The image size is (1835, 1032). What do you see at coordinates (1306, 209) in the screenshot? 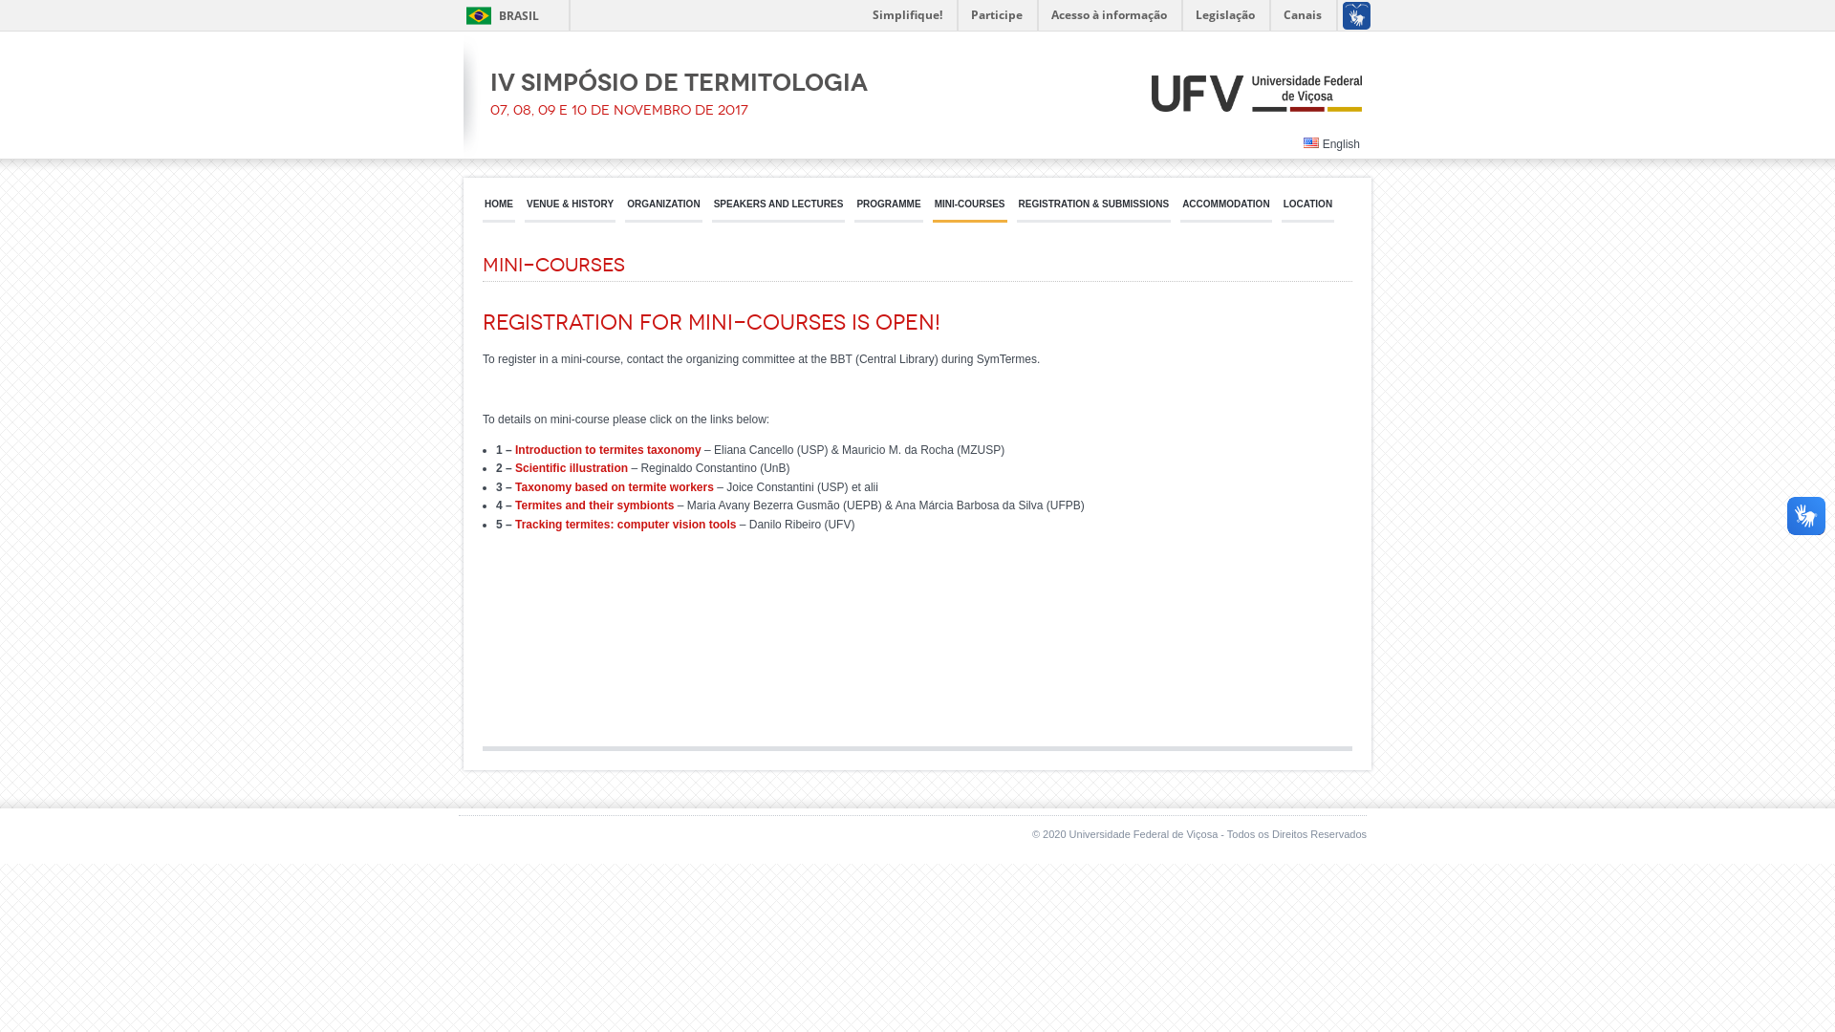
I see `'LOCATION'` at bounding box center [1306, 209].